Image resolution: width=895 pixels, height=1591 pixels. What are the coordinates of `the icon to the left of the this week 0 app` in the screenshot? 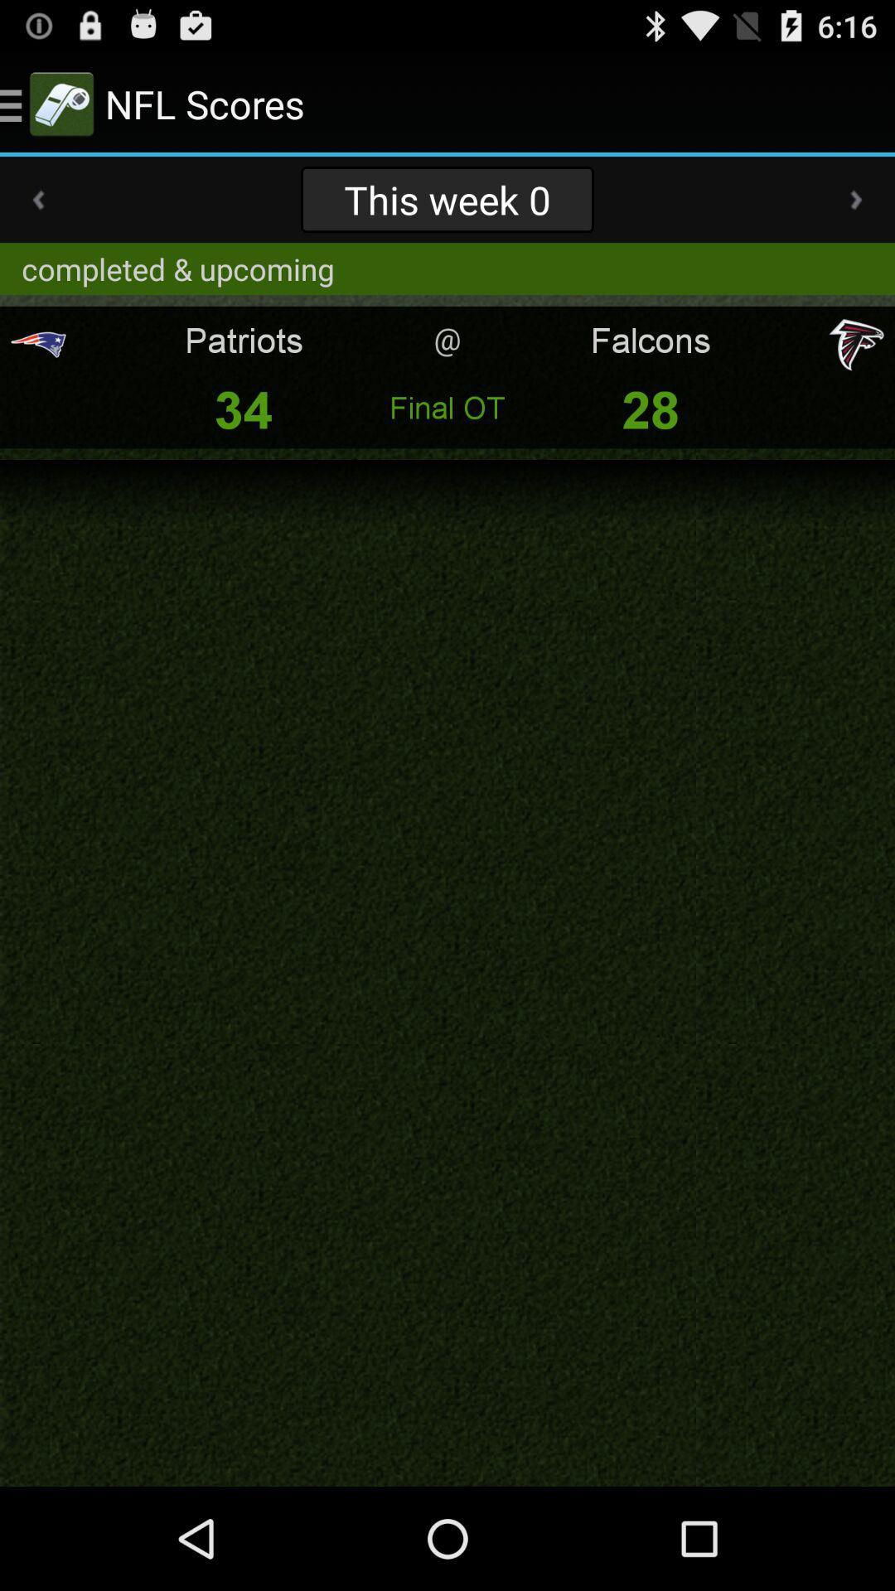 It's located at (37, 199).